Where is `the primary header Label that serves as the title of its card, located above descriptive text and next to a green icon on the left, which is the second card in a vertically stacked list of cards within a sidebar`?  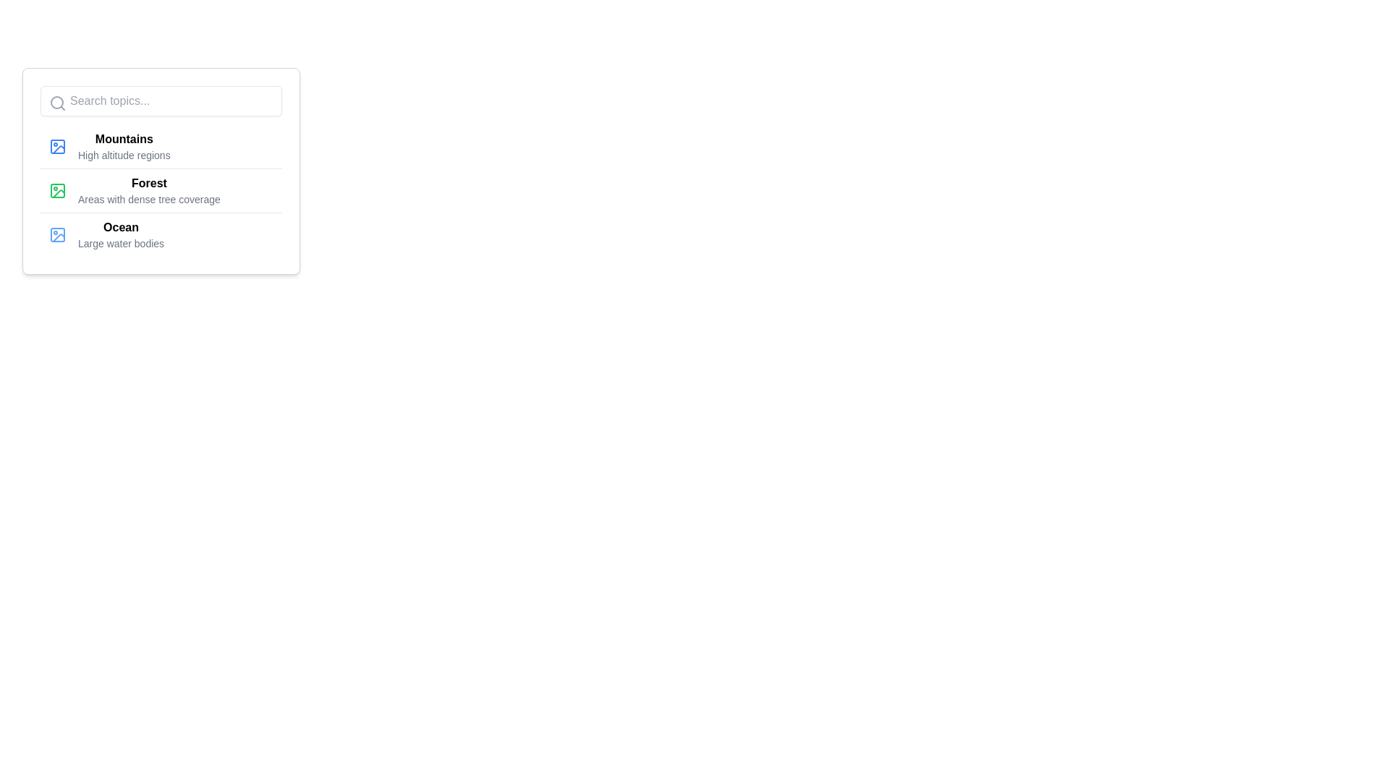
the primary header Label that serves as the title of its card, located above descriptive text and next to a green icon on the left, which is the second card in a vertically stacked list of cards within a sidebar is located at coordinates (149, 183).